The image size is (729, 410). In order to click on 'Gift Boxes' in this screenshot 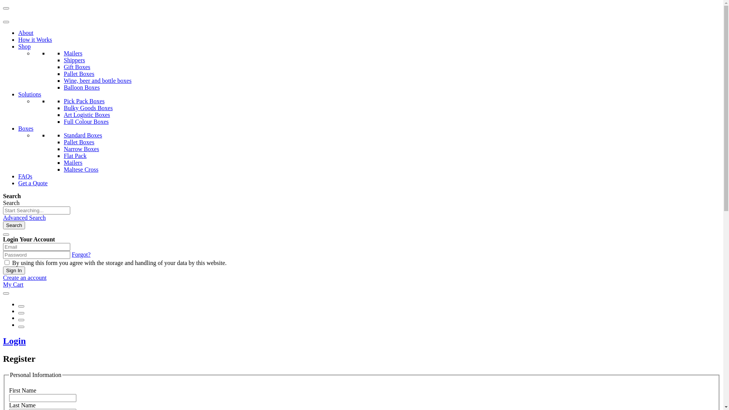, I will do `click(77, 66)`.